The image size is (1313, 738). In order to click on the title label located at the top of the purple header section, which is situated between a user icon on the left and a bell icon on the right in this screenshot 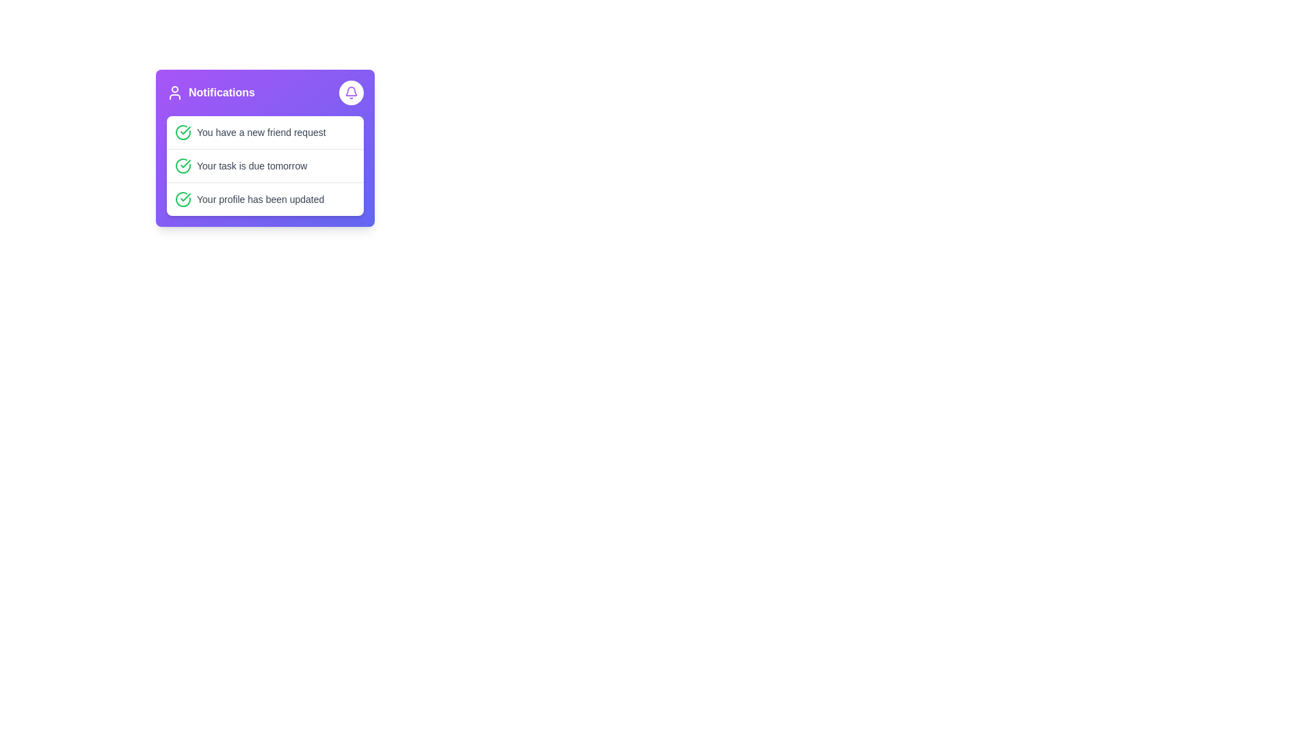, I will do `click(222, 92)`.